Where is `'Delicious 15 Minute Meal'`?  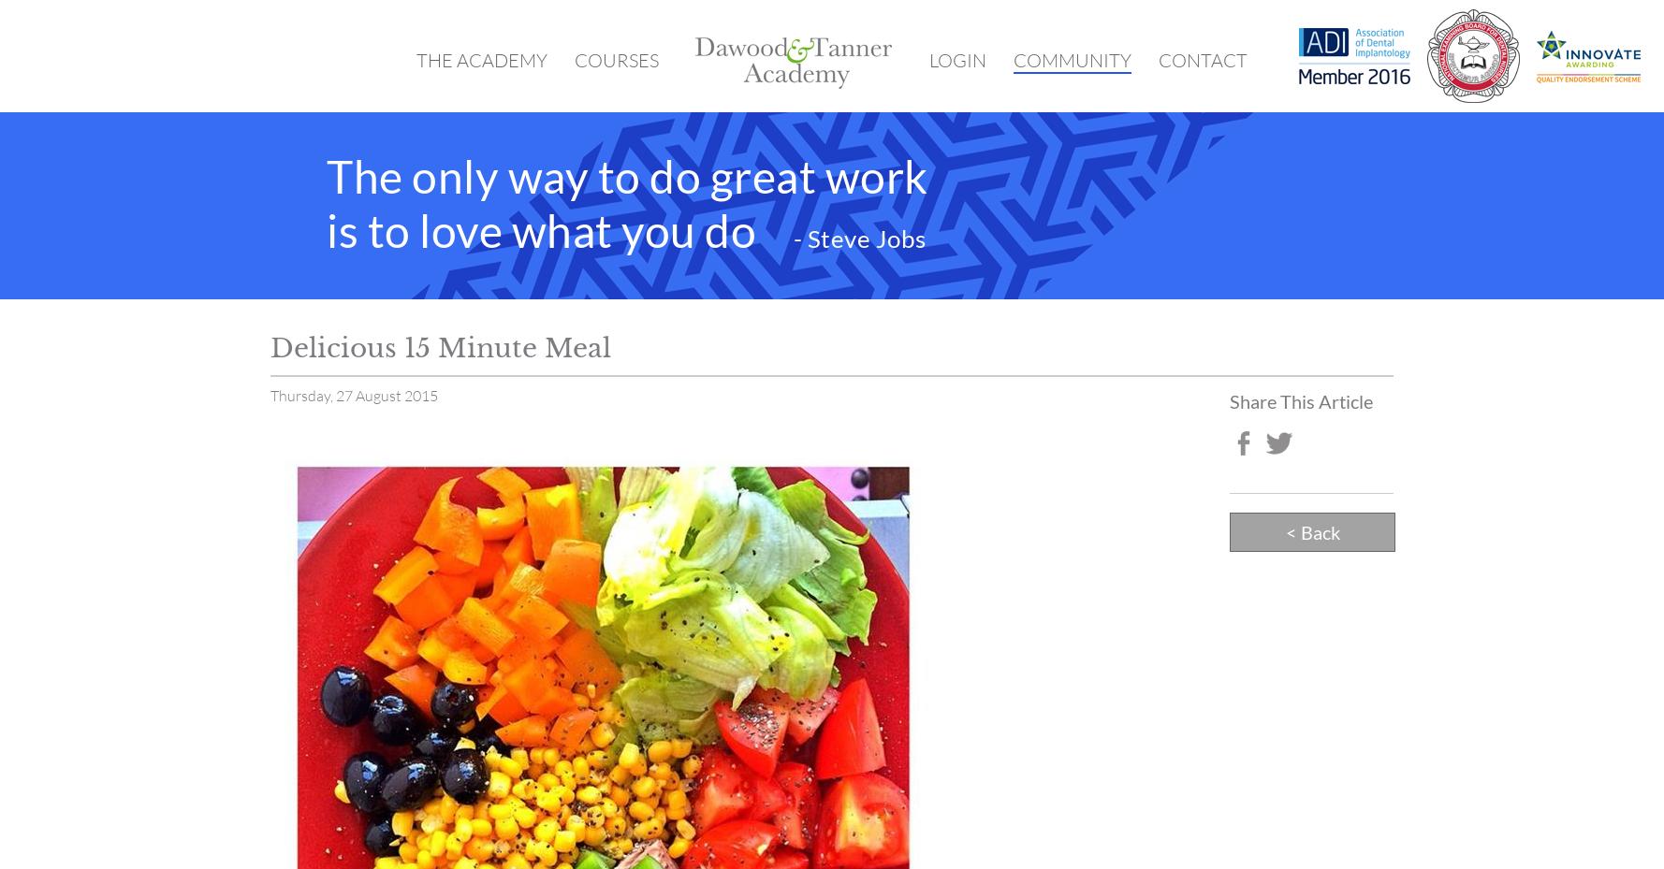 'Delicious 15 Minute Meal' is located at coordinates (439, 347).